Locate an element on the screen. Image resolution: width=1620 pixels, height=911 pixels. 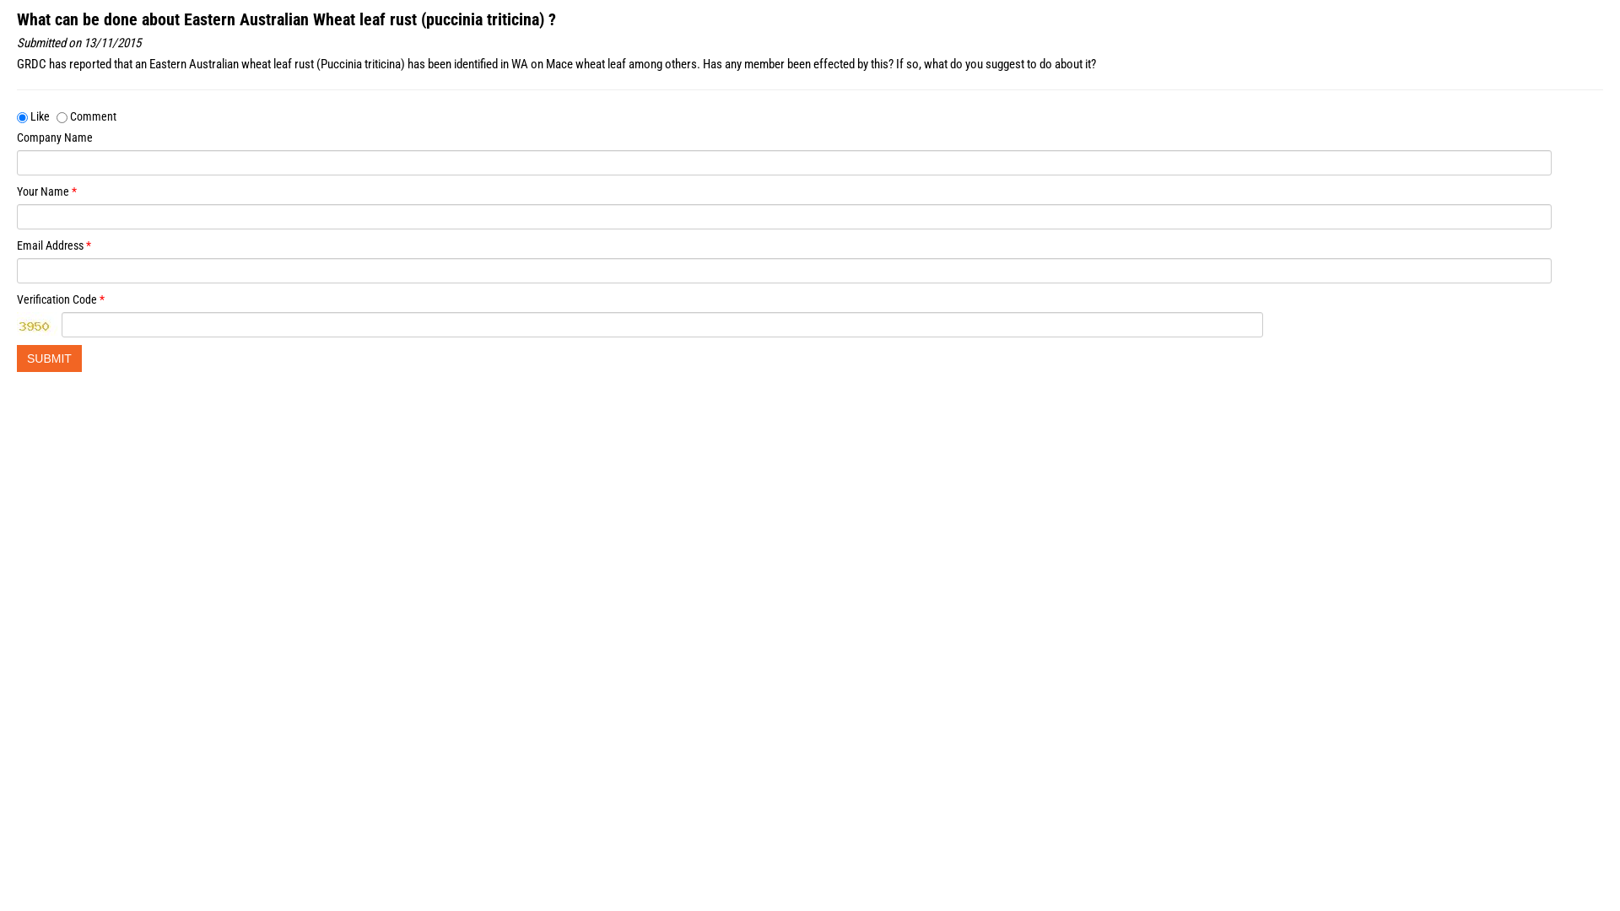
'Submit' is located at coordinates (49, 357).